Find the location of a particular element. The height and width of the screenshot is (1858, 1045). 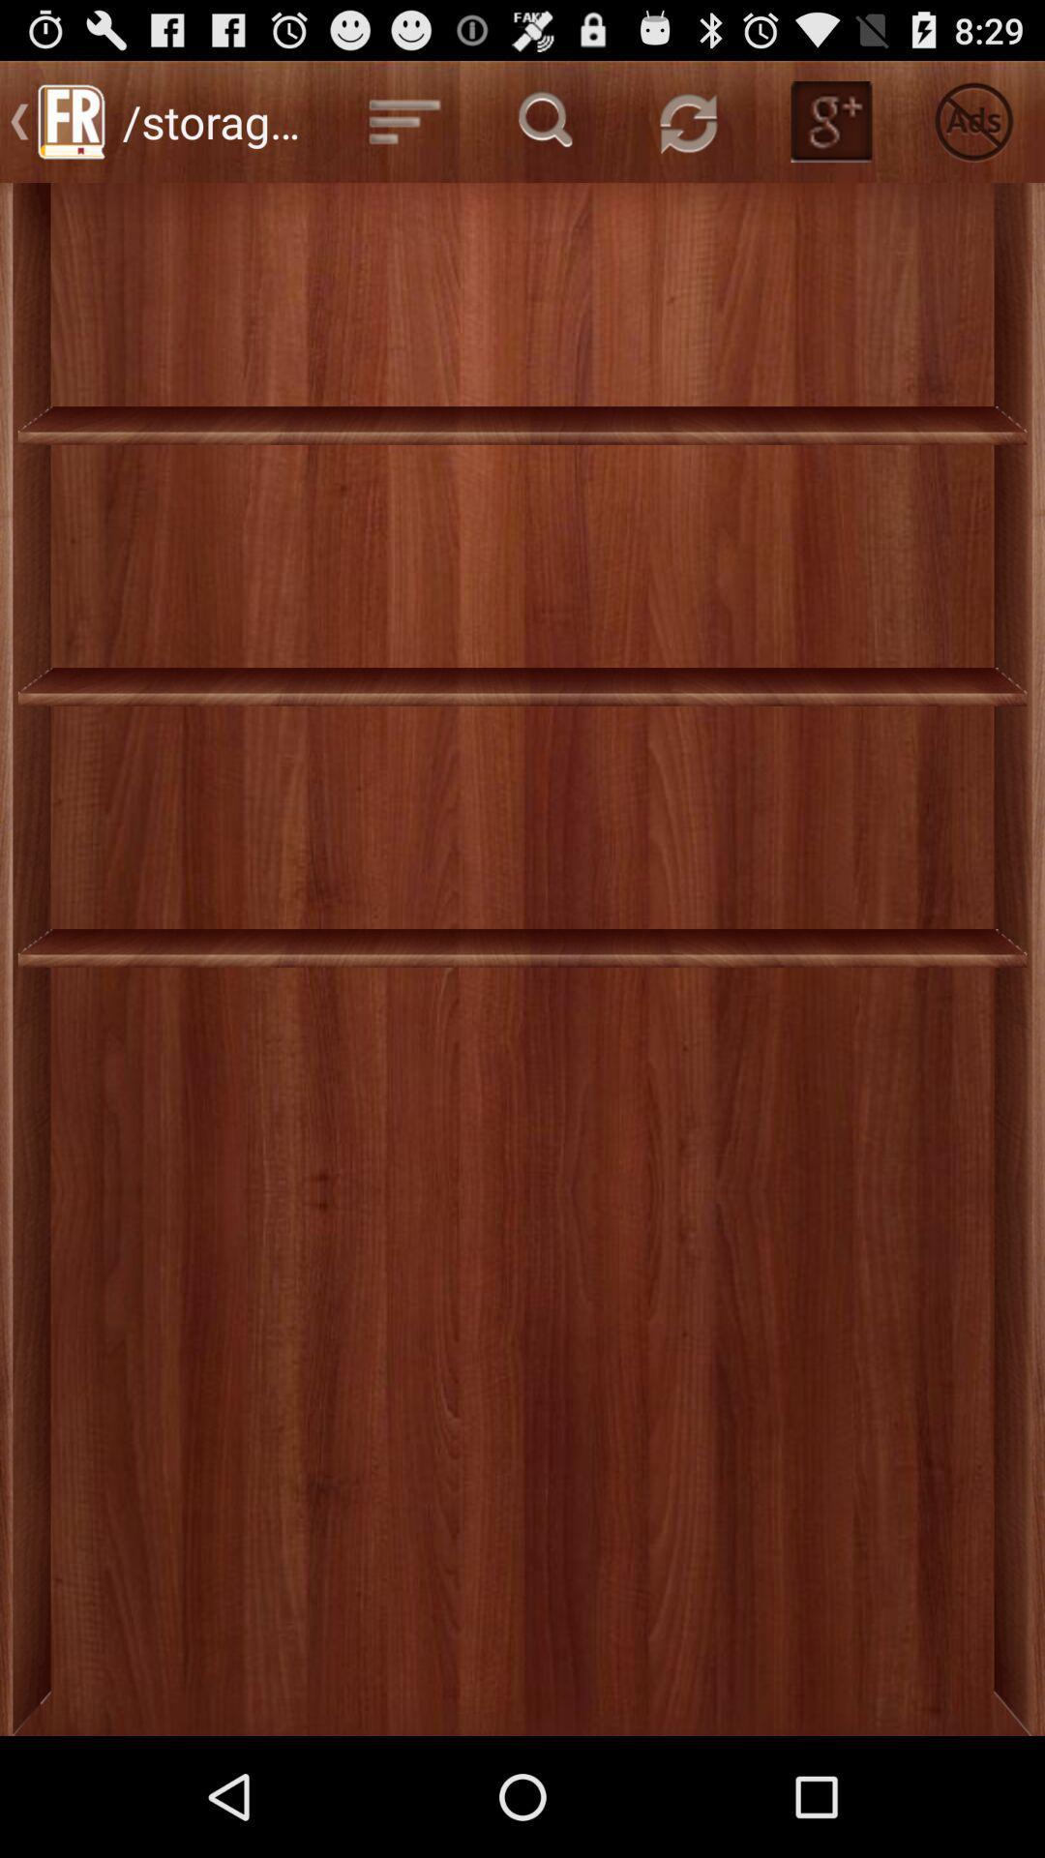

the first button beside storage is located at coordinates (403, 120).